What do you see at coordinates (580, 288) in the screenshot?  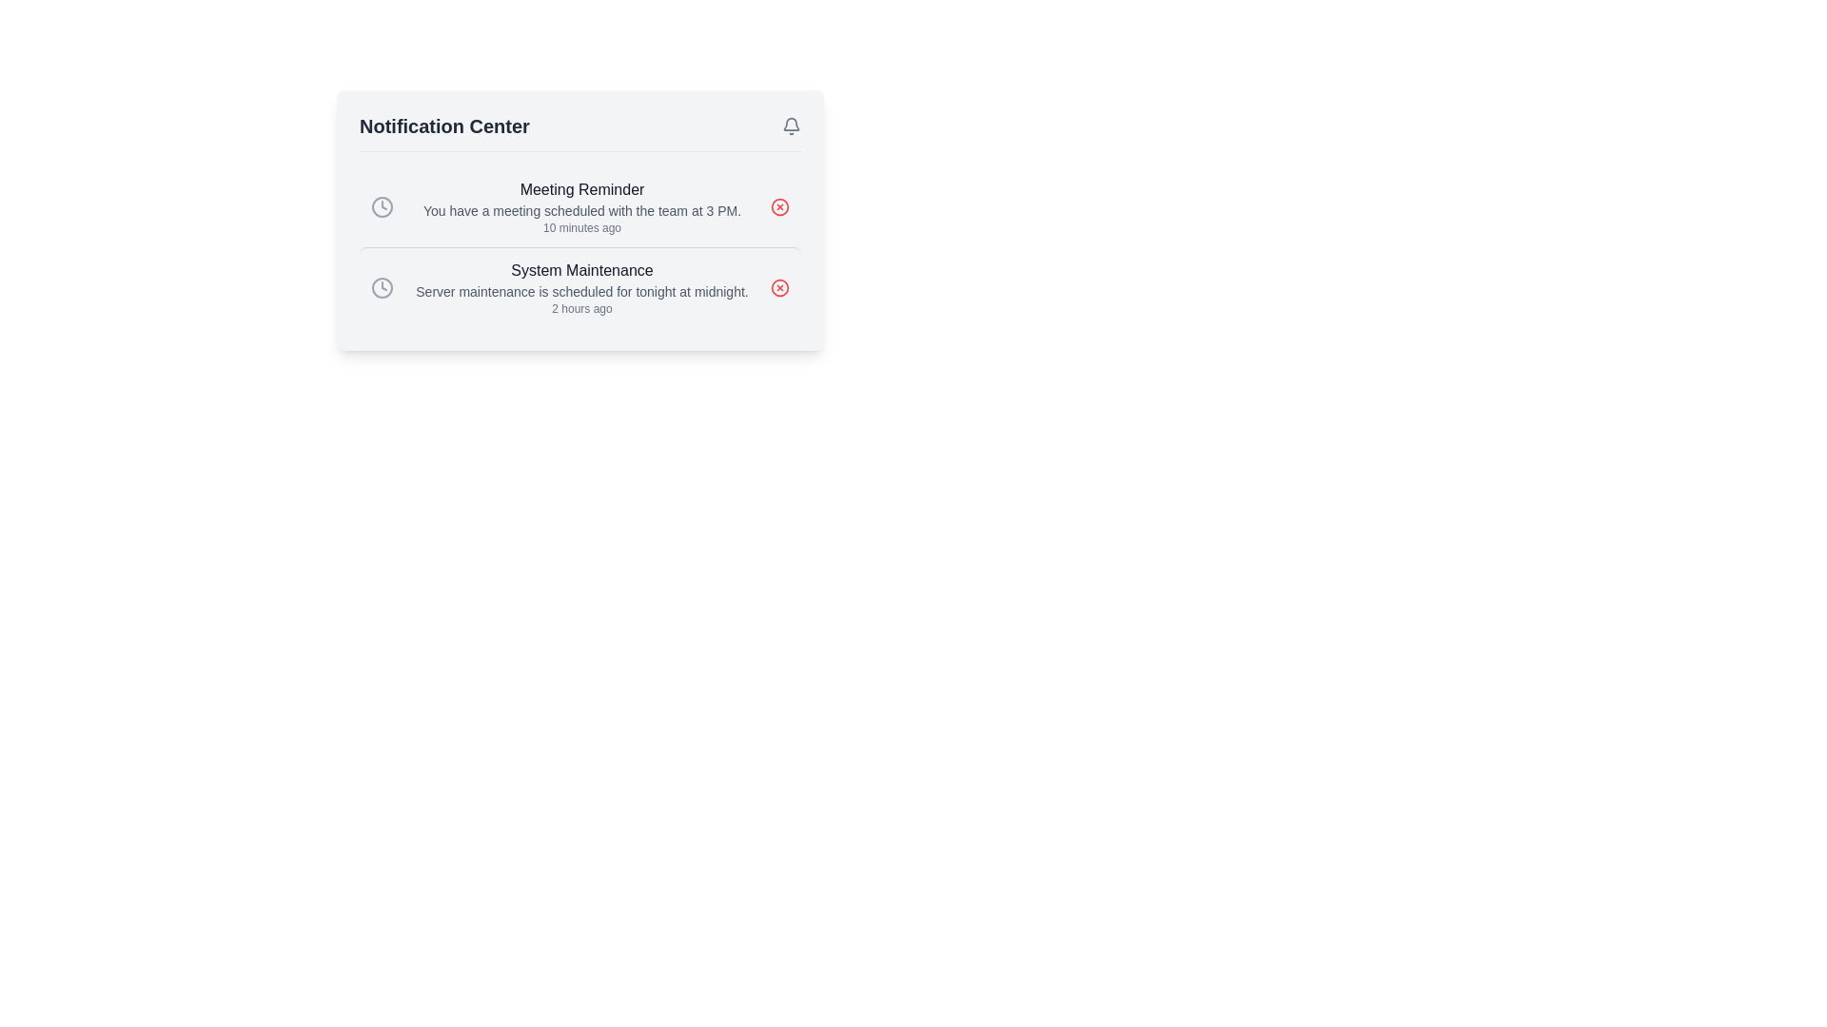 I see `displayed information from the Informational Text Block located in the Notification Center, which serves as a notification about scheduled server maintenance, positioned below the Meeting Reminder` at bounding box center [580, 288].